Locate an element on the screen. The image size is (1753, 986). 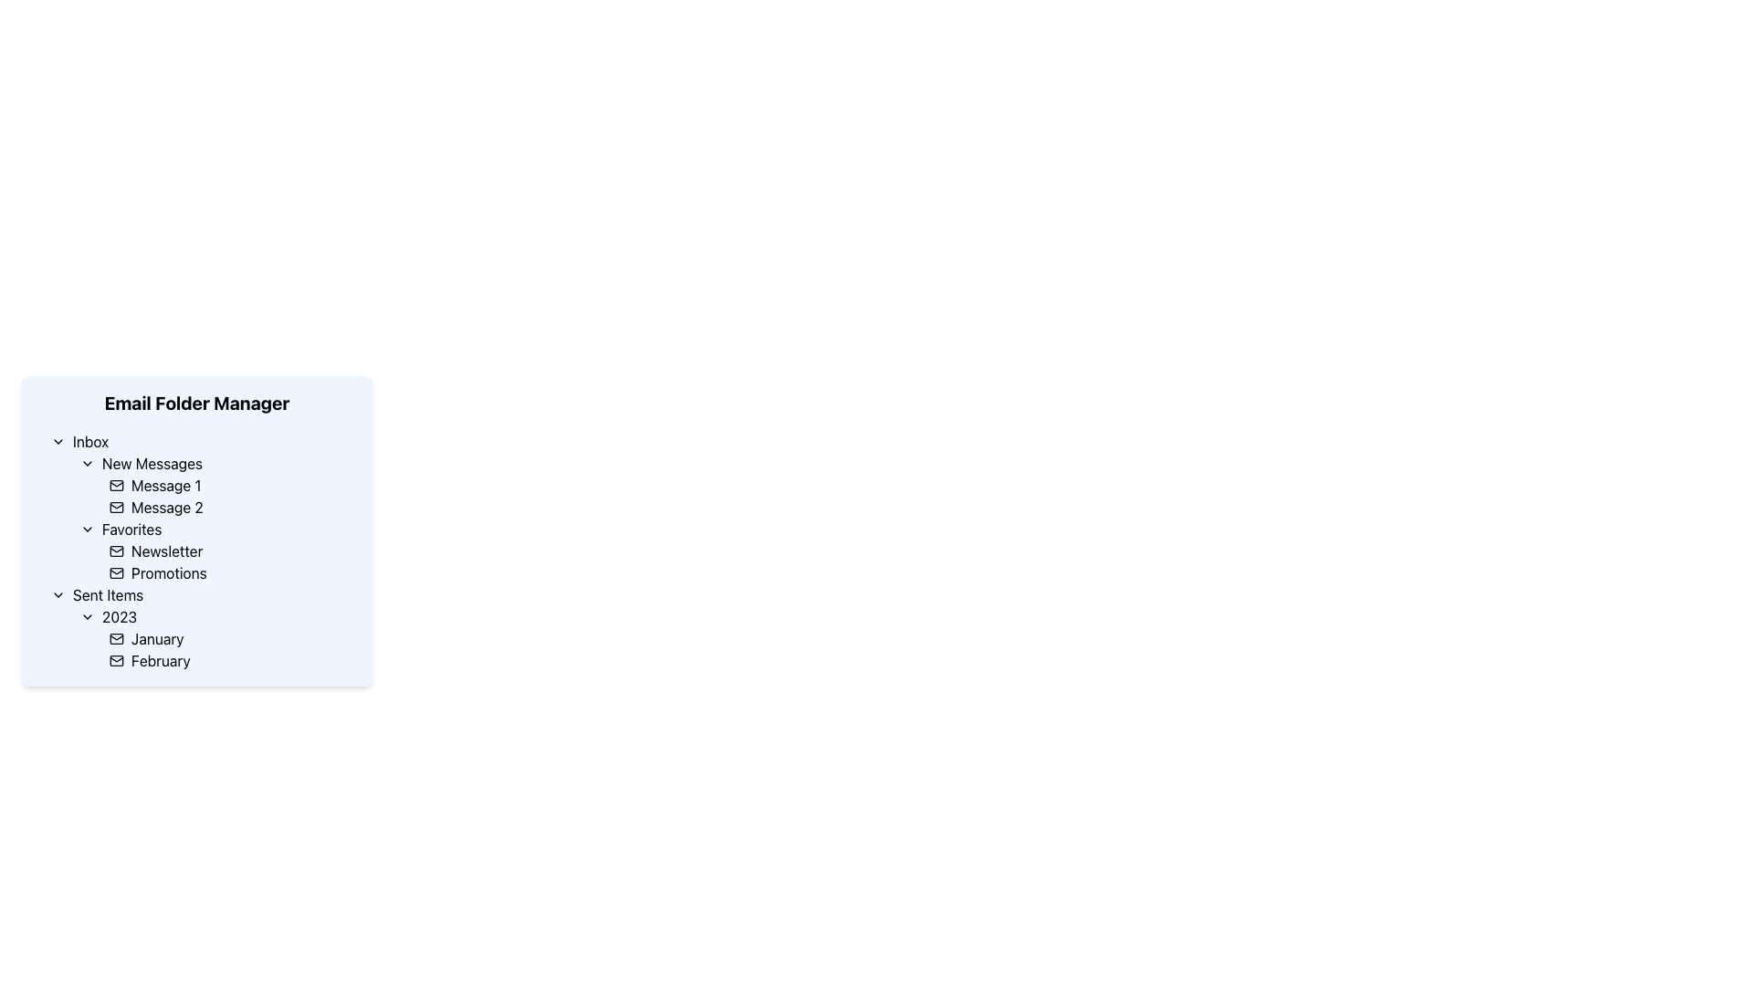
the '2023' text label in the 'Sent Items' section of the Email Folder Manager UI is located at coordinates (119, 616).